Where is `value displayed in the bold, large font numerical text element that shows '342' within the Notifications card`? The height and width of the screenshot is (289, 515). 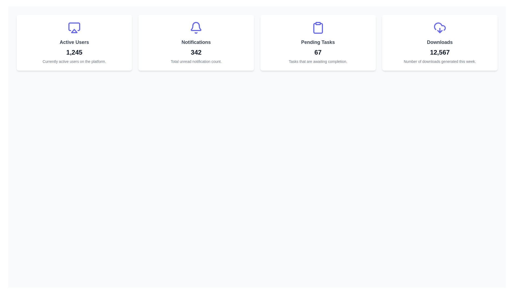 value displayed in the bold, large font numerical text element that shows '342' within the Notifications card is located at coordinates (196, 52).